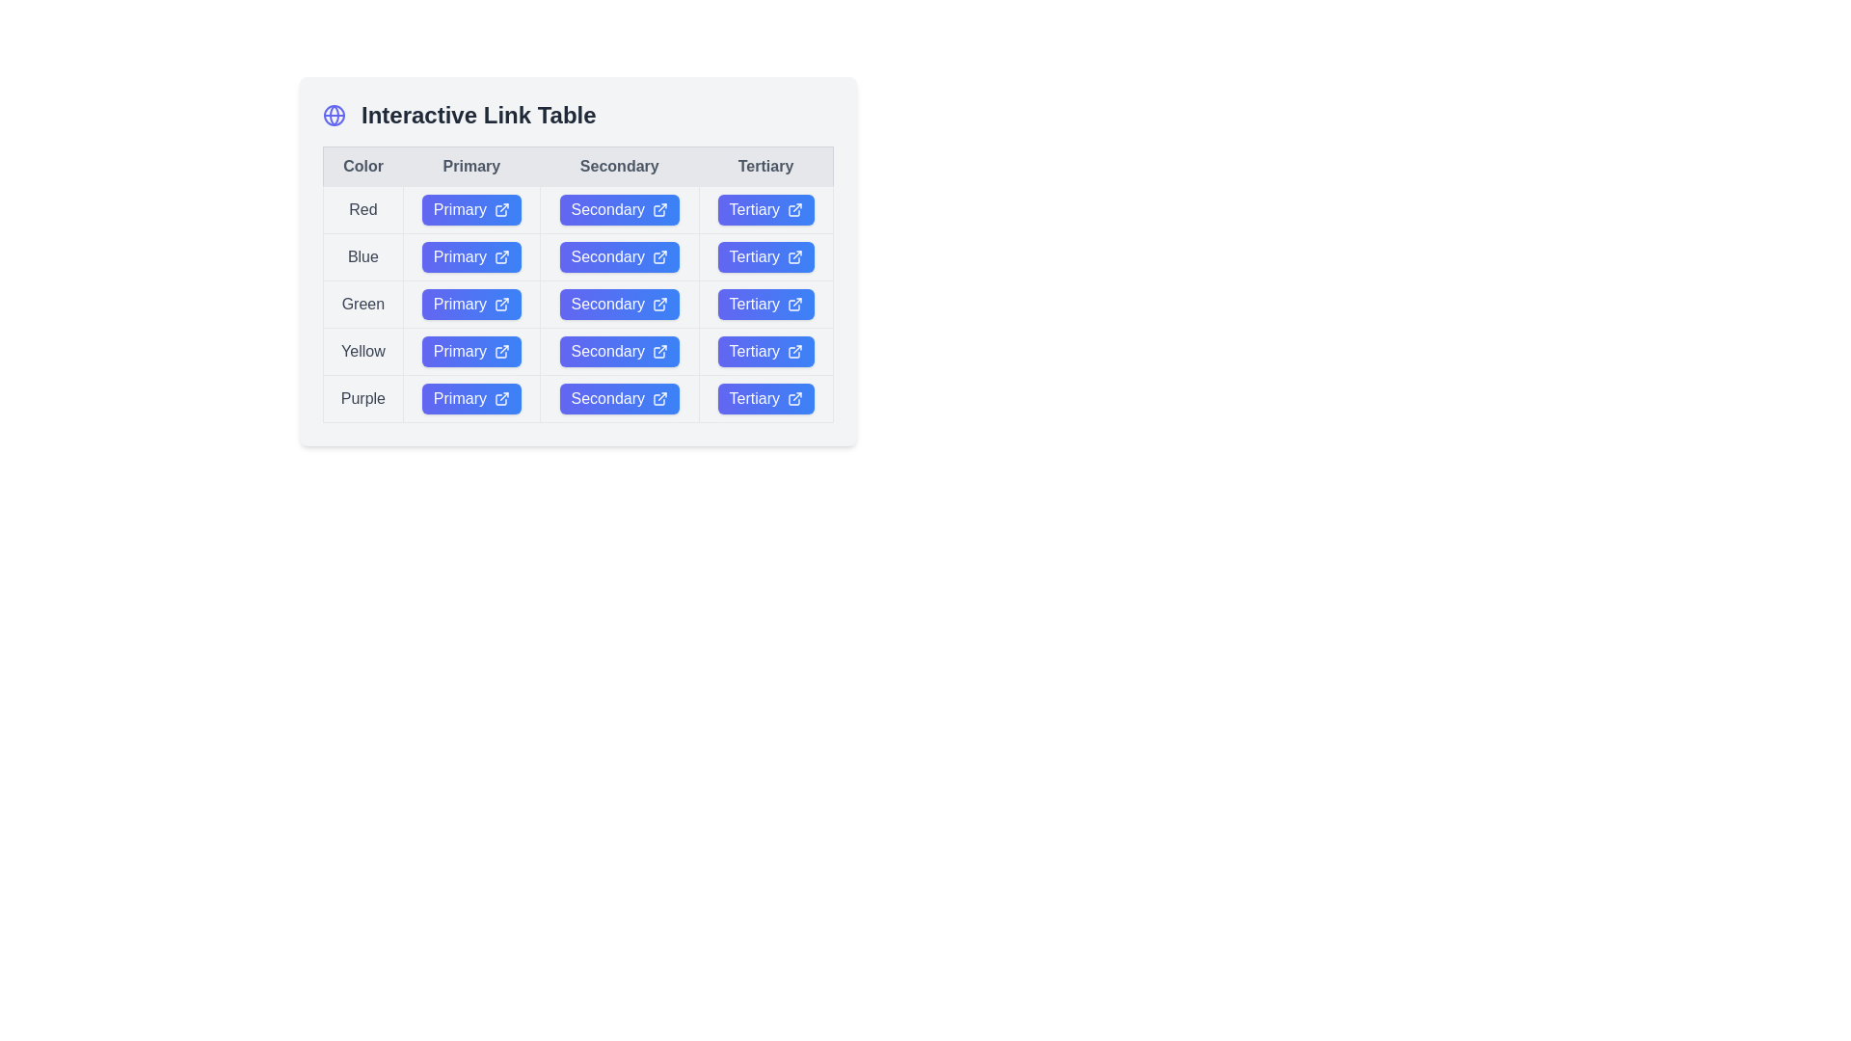  I want to click on the interactive link icon located in the far-right column of the bottom row of the 'Interactive Link Table', adjacent to the cell text 'Tertiary', so click(795, 397).